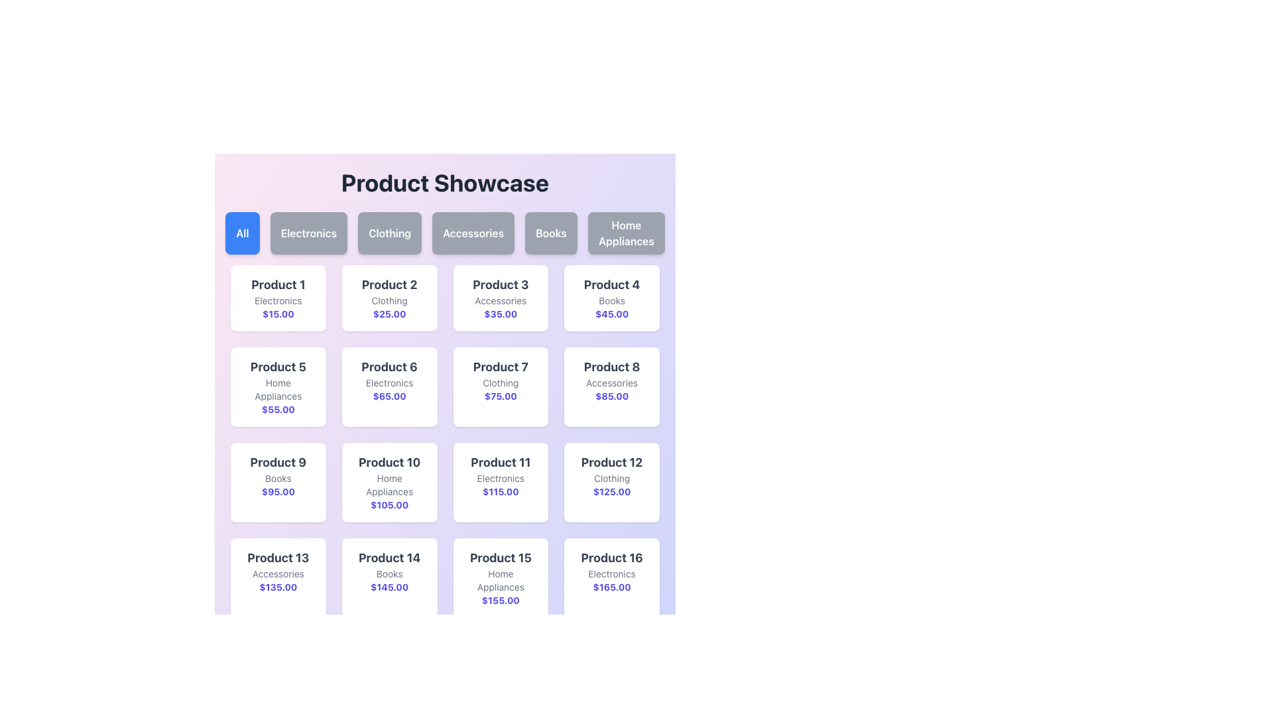  What do you see at coordinates (277, 483) in the screenshot?
I see `the product display card for 'Product 9' which is located in the leftmost column of the third row in the product showcase grid` at bounding box center [277, 483].